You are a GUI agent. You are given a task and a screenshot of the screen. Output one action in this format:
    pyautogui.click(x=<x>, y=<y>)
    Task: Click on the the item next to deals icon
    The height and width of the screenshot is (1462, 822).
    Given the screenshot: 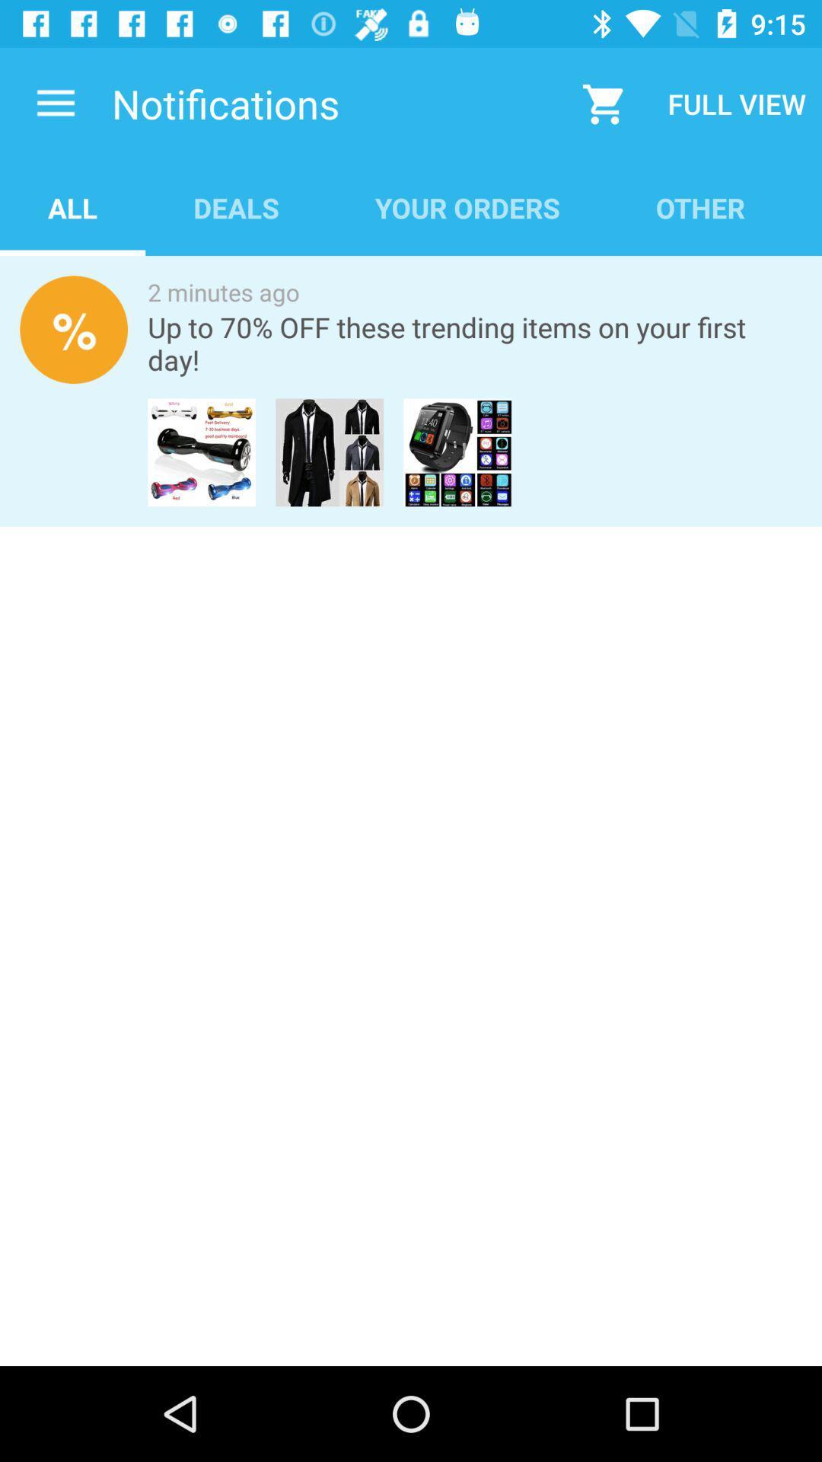 What is the action you would take?
    pyautogui.click(x=72, y=207)
    